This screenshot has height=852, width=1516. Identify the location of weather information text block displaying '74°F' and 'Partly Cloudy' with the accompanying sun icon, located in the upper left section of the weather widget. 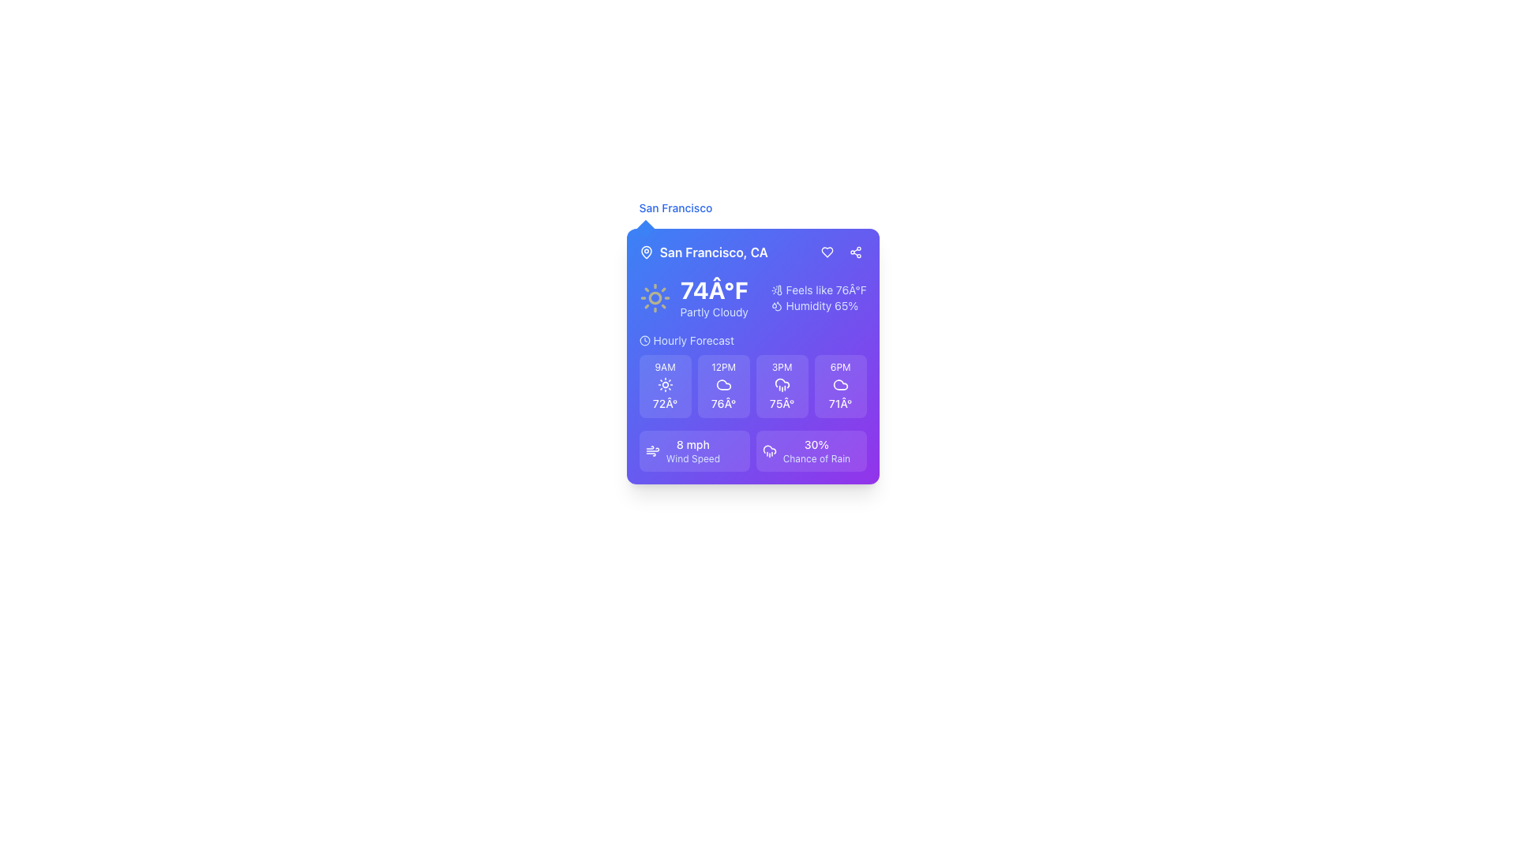
(693, 298).